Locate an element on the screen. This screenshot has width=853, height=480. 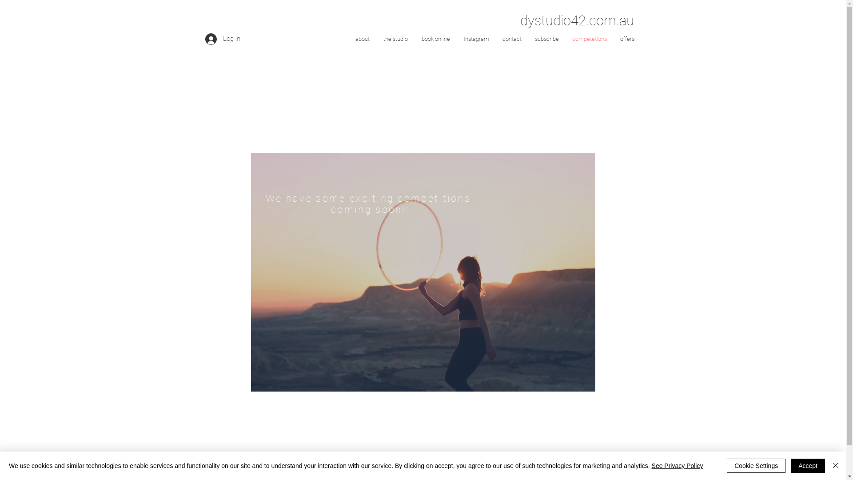
'See Privacy Policy' is located at coordinates (677, 465).